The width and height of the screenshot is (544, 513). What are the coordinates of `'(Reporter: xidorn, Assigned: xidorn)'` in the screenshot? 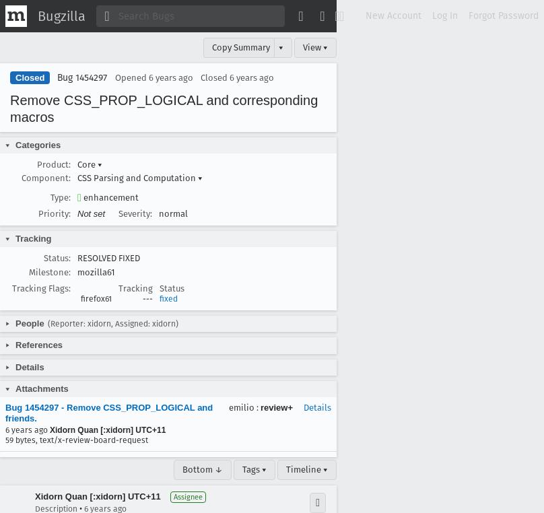 It's located at (46, 323).